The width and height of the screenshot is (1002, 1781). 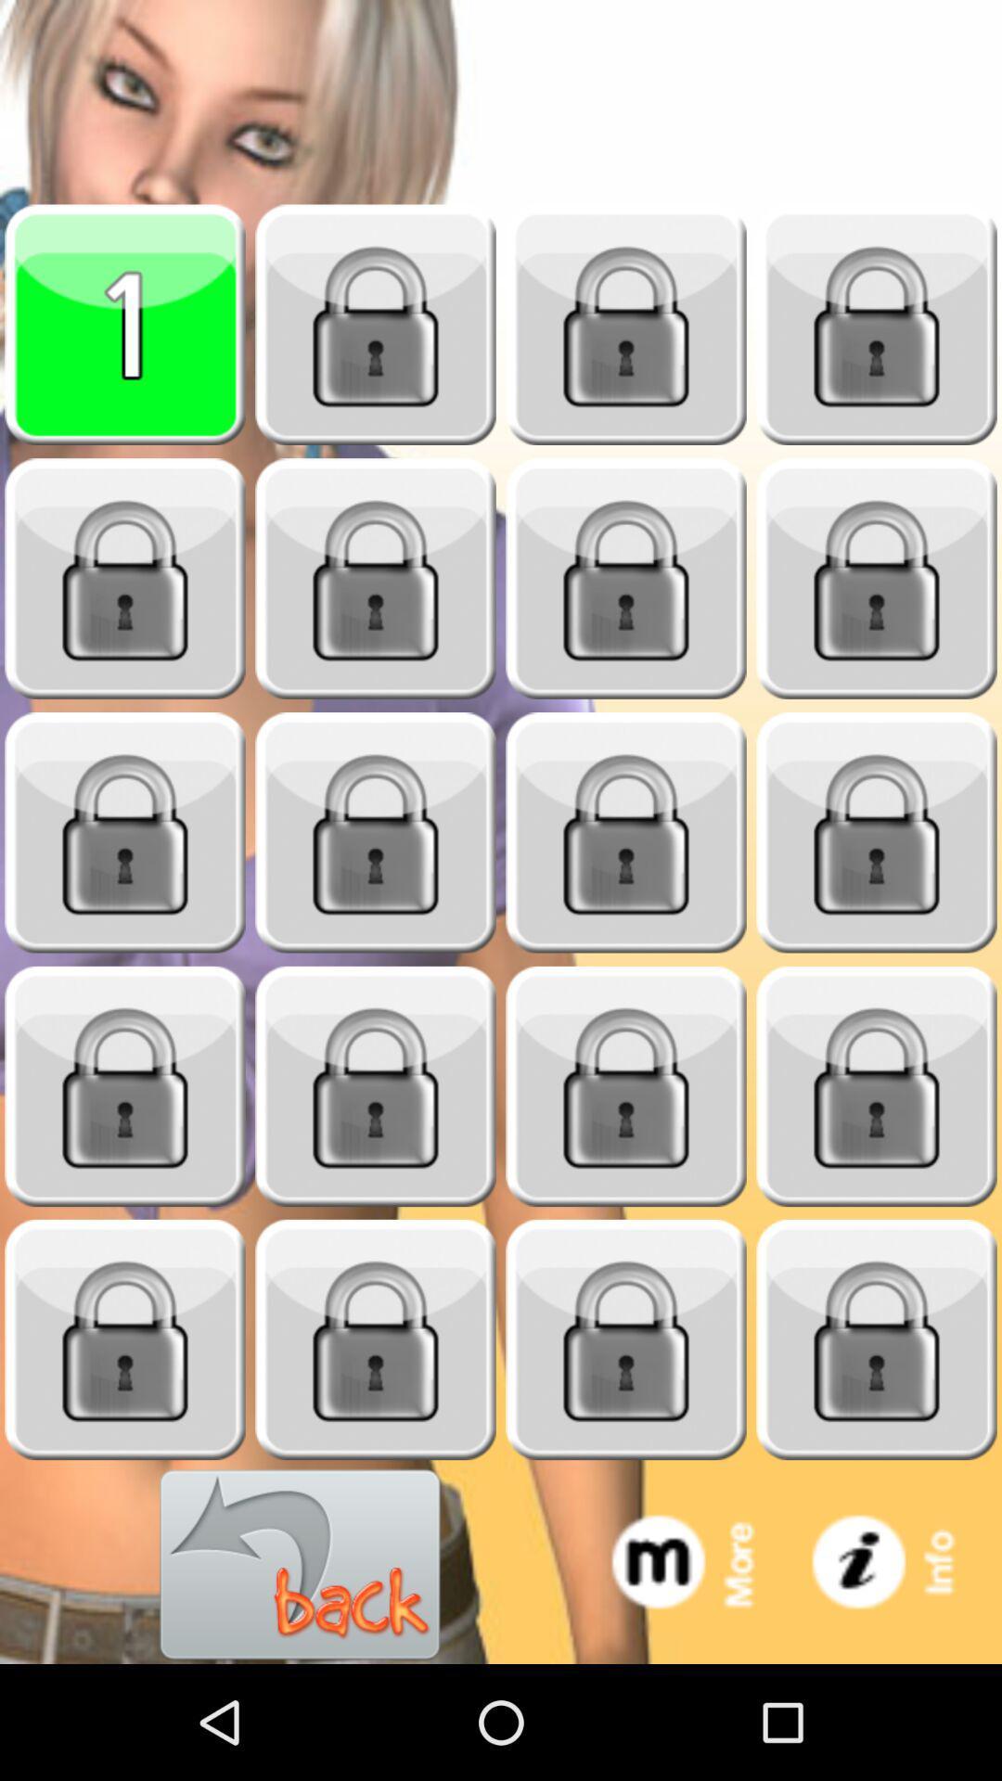 I want to click on icone button, so click(x=901, y=1564).